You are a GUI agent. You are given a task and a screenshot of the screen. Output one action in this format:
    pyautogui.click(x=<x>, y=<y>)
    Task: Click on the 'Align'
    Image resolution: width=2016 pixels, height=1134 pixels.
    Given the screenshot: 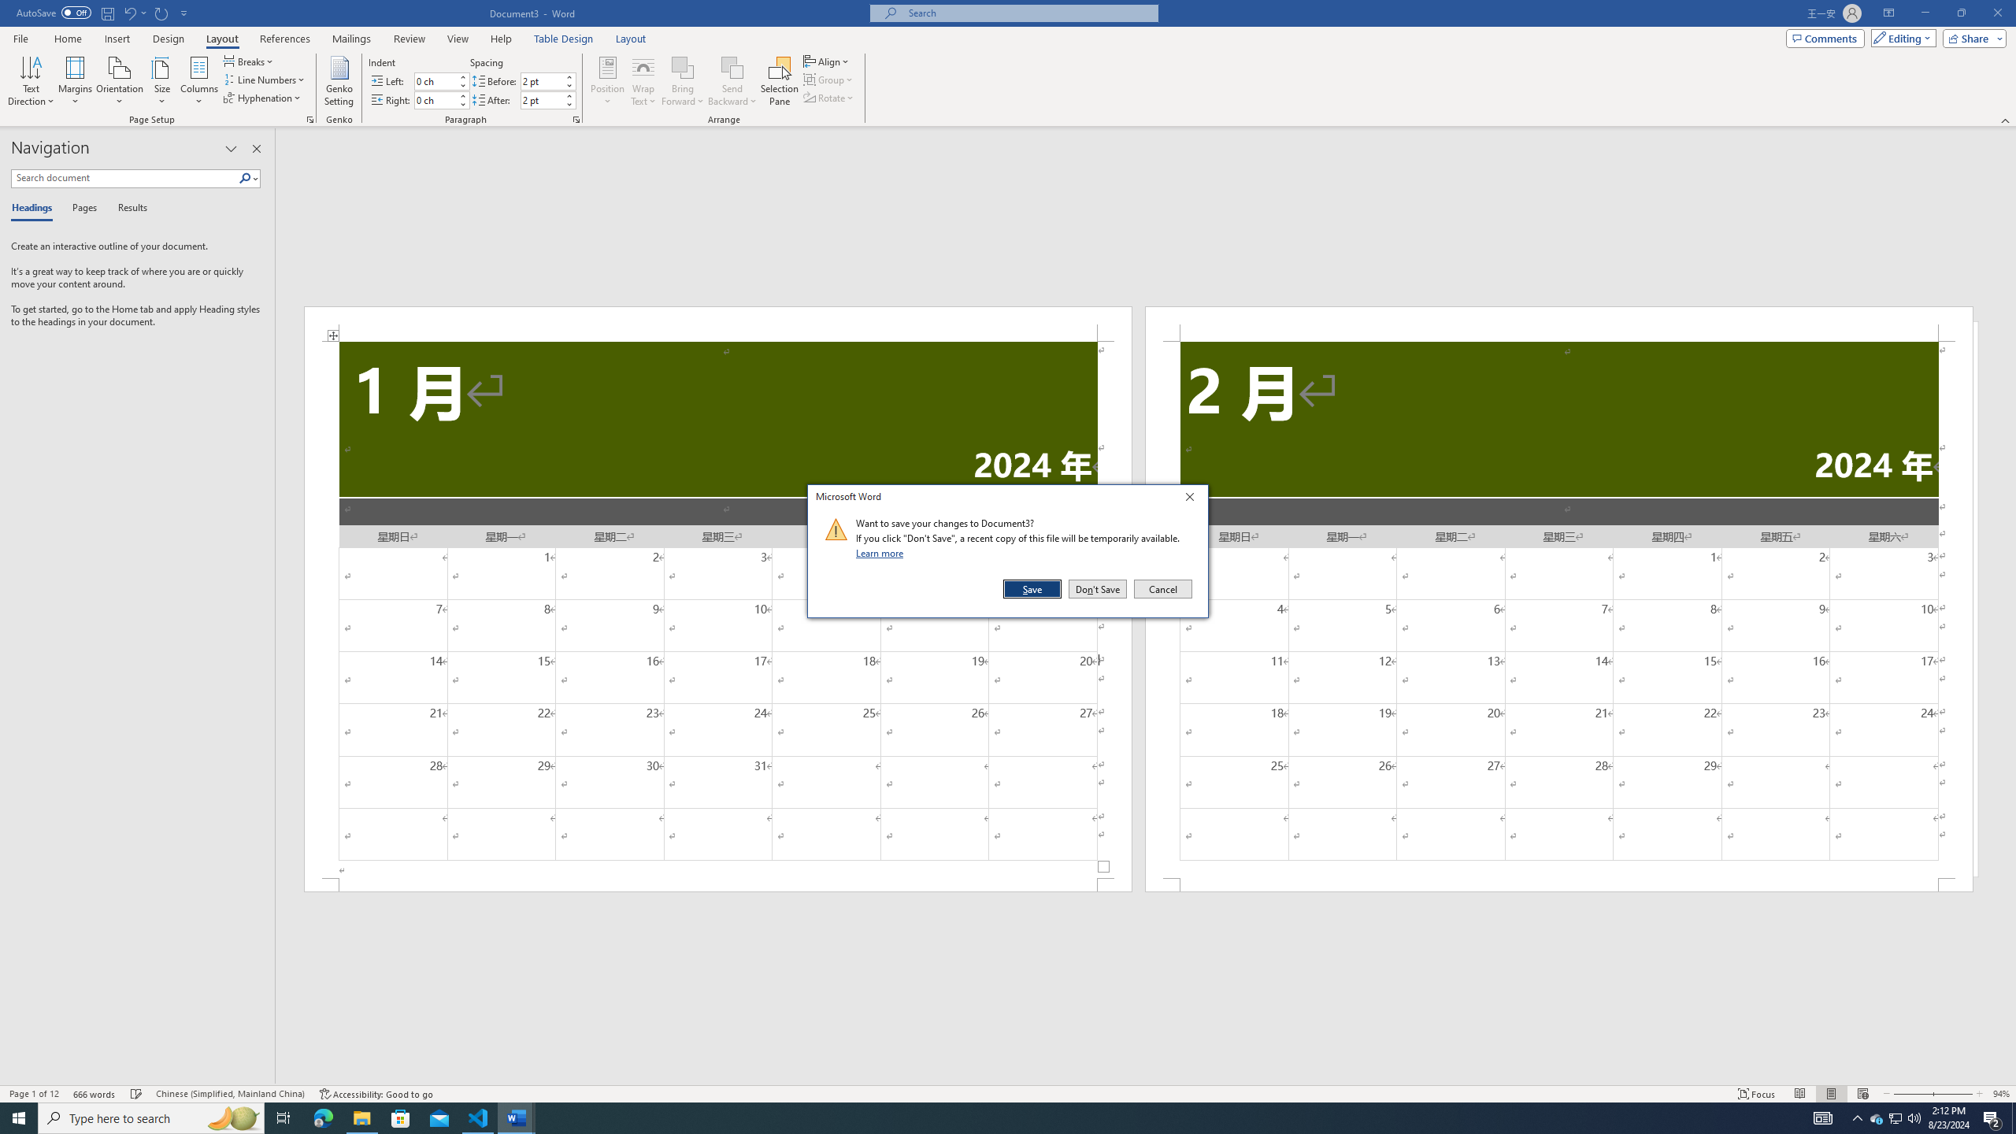 What is the action you would take?
    pyautogui.click(x=826, y=61)
    